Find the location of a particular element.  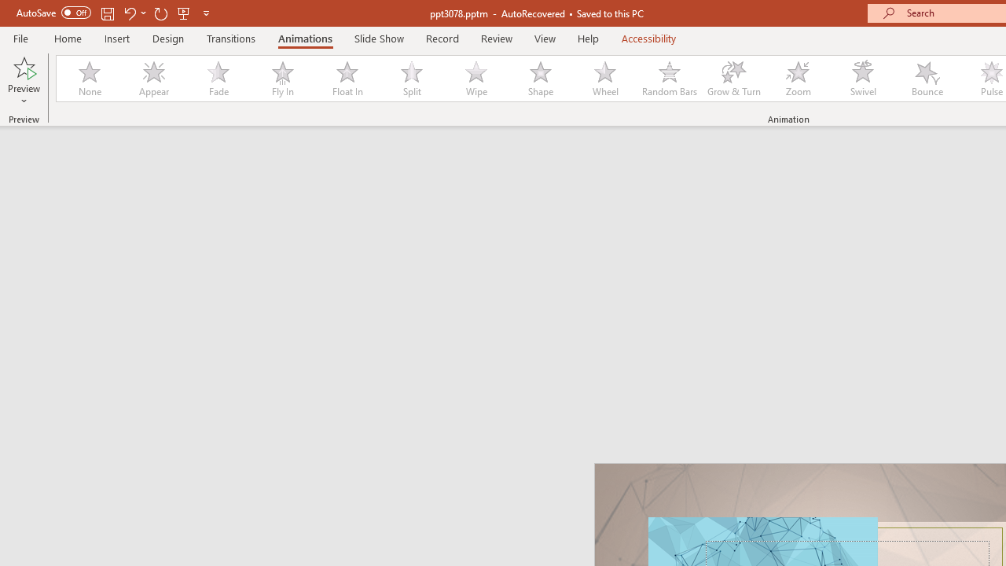

'None' is located at coordinates (88, 79).